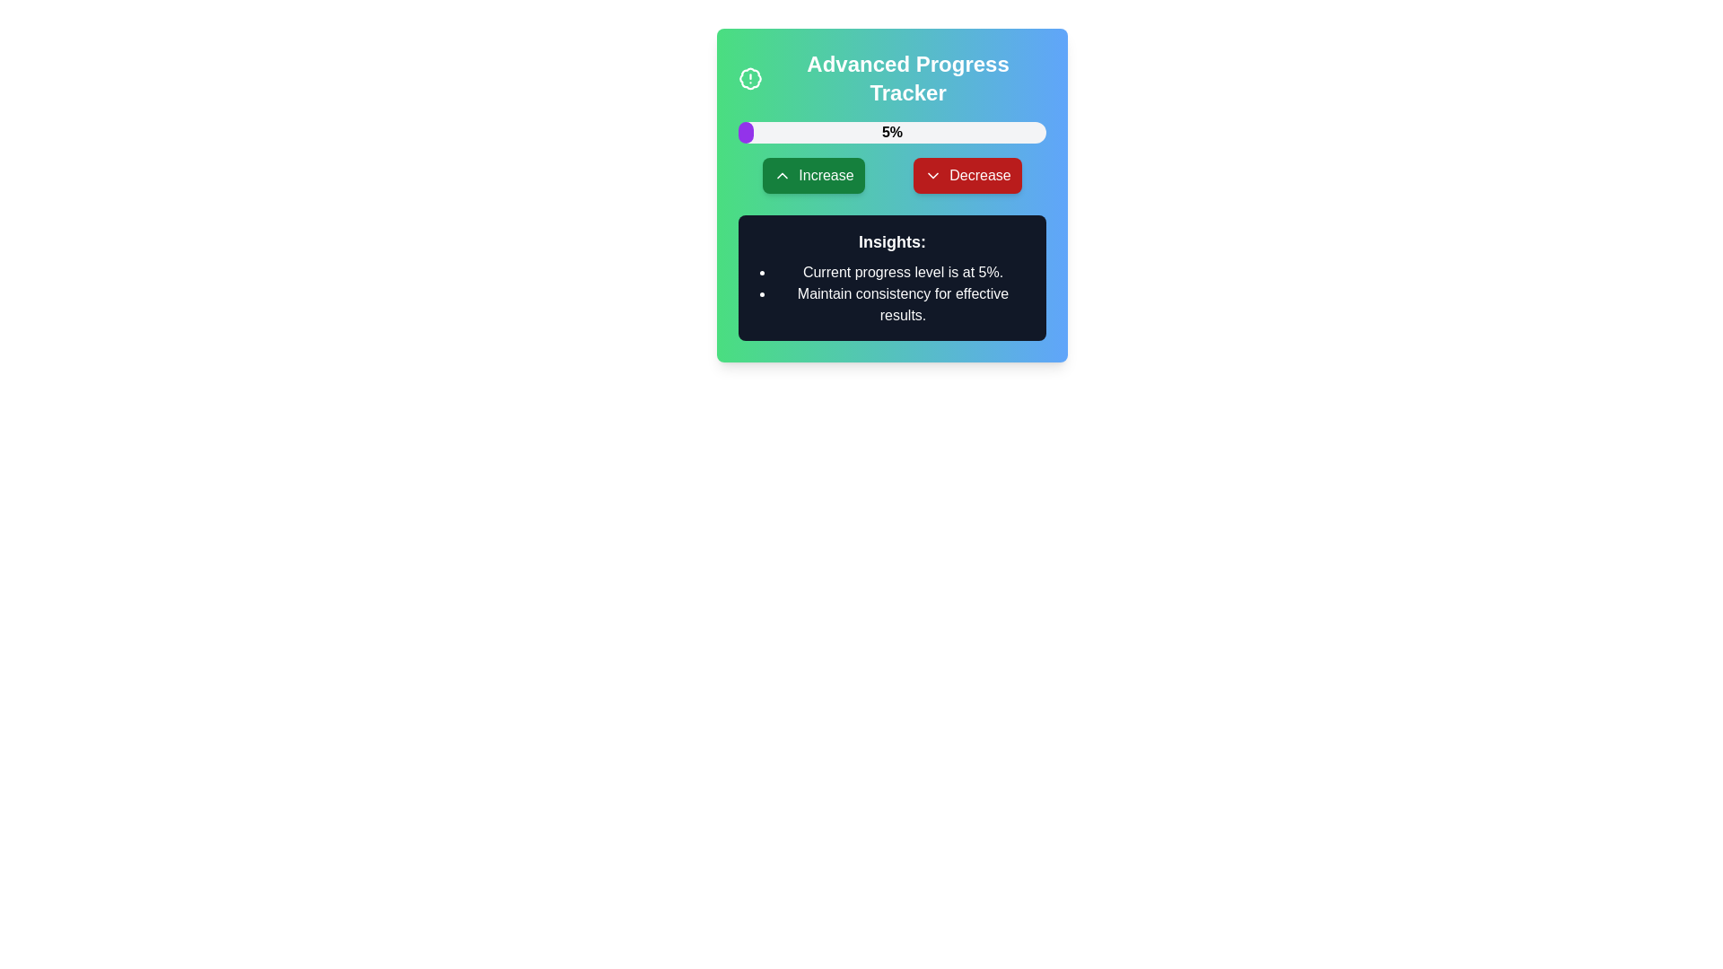 This screenshot has width=1723, height=969. What do you see at coordinates (746, 131) in the screenshot?
I see `the small purple rectangle representing the progress bar indicator, which is located at the leftmost part of the horizontal progress bar beneath the 'Advanced Progress Tracker' title` at bounding box center [746, 131].